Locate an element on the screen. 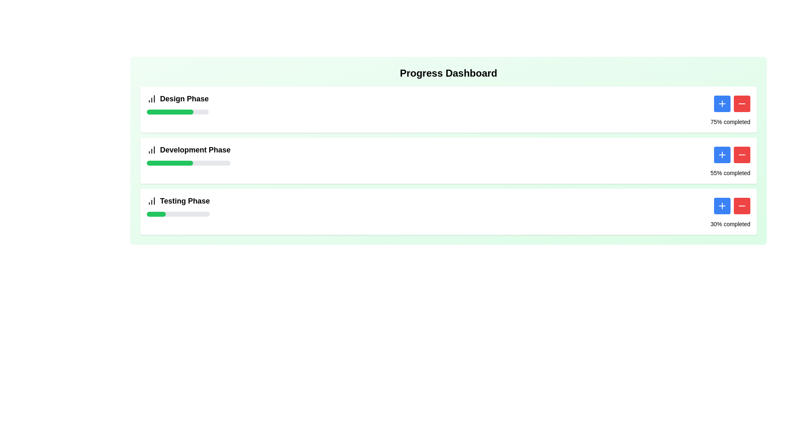 This screenshot has width=792, height=445. the progress bar that visually represents the completion status of the 'Testing Phase', located below 'Testing Phase' and aligned horizontally is located at coordinates (178, 214).